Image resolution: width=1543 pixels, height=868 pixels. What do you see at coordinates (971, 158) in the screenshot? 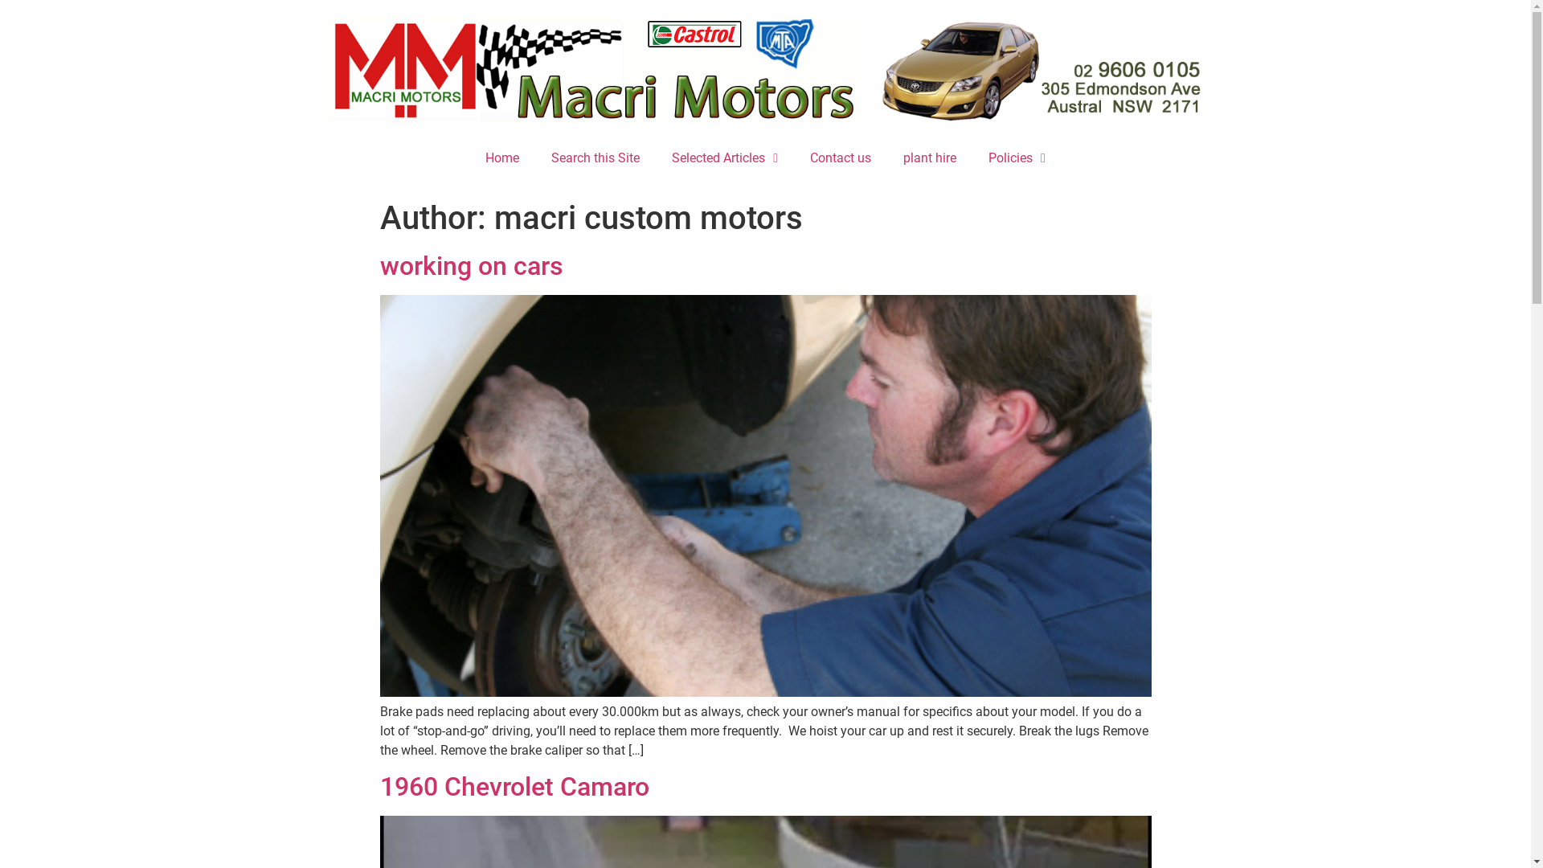
I see `'Policies'` at bounding box center [971, 158].